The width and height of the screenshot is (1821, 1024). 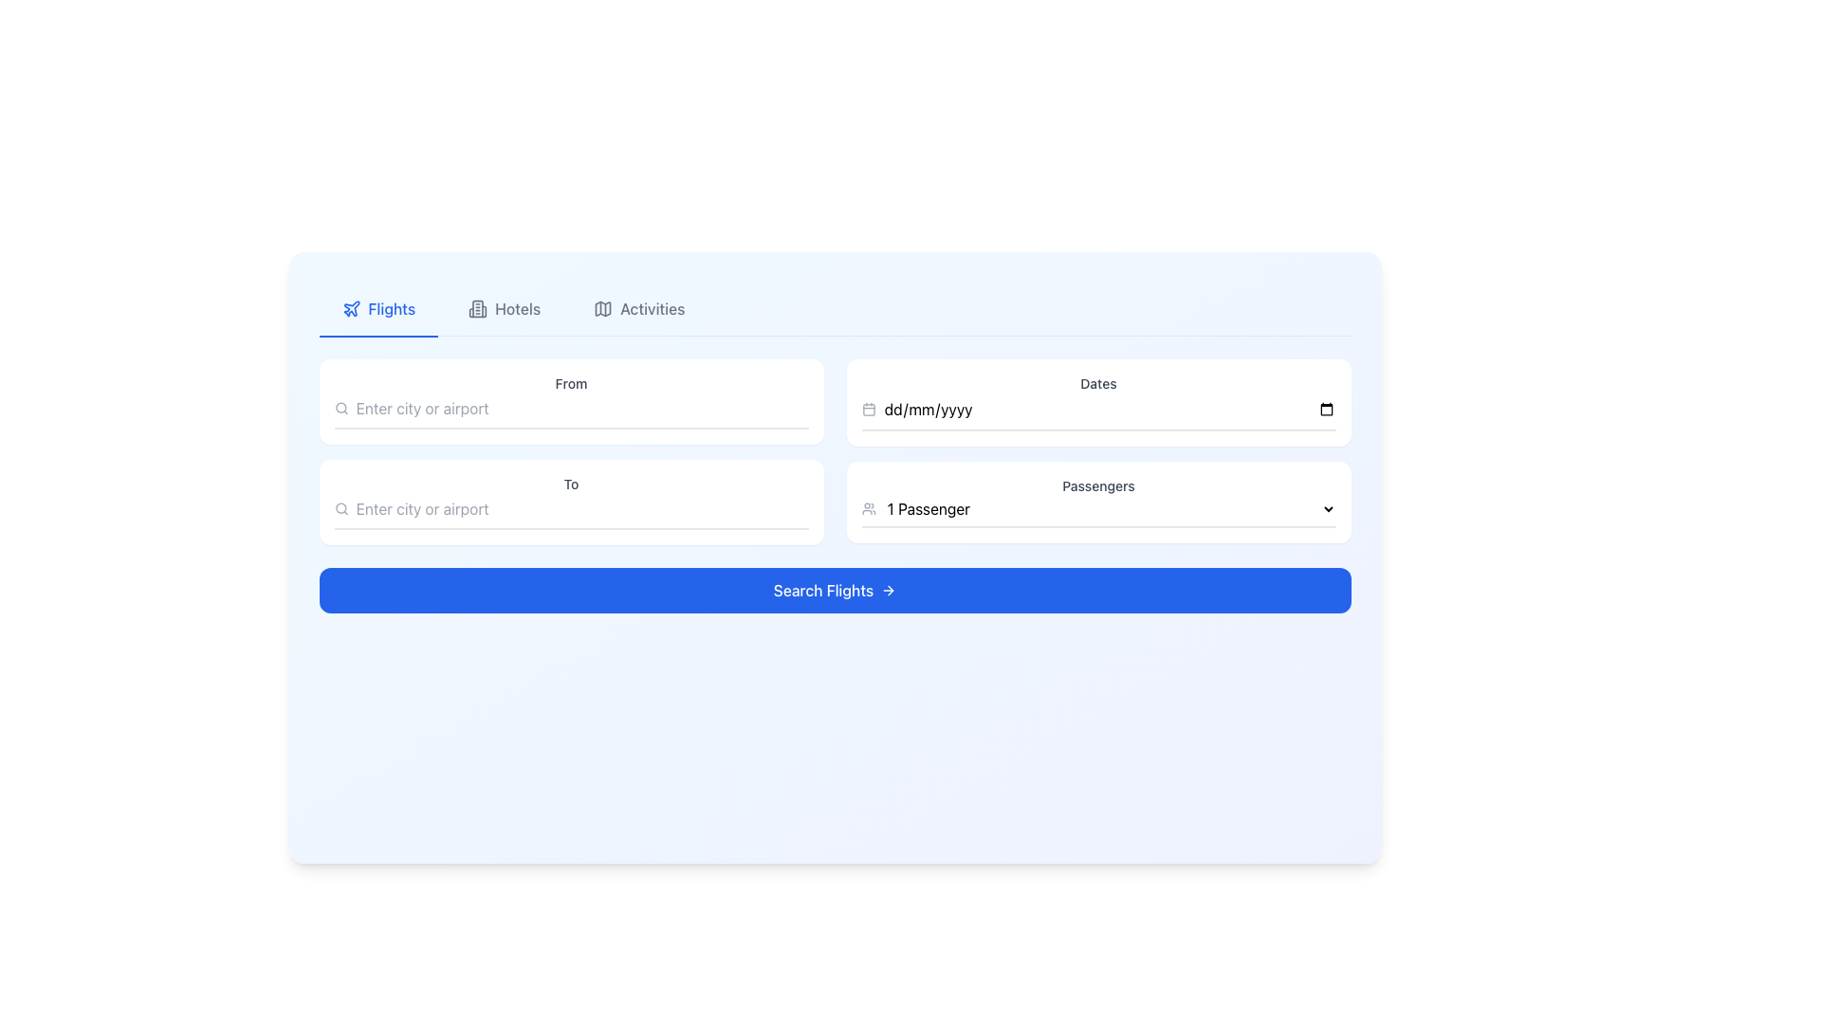 I want to click on the text label indicating the functionality to initiate a search for flights, which is centrally aligned within the blue action button at the bottom of the layout, so click(x=823, y=590).